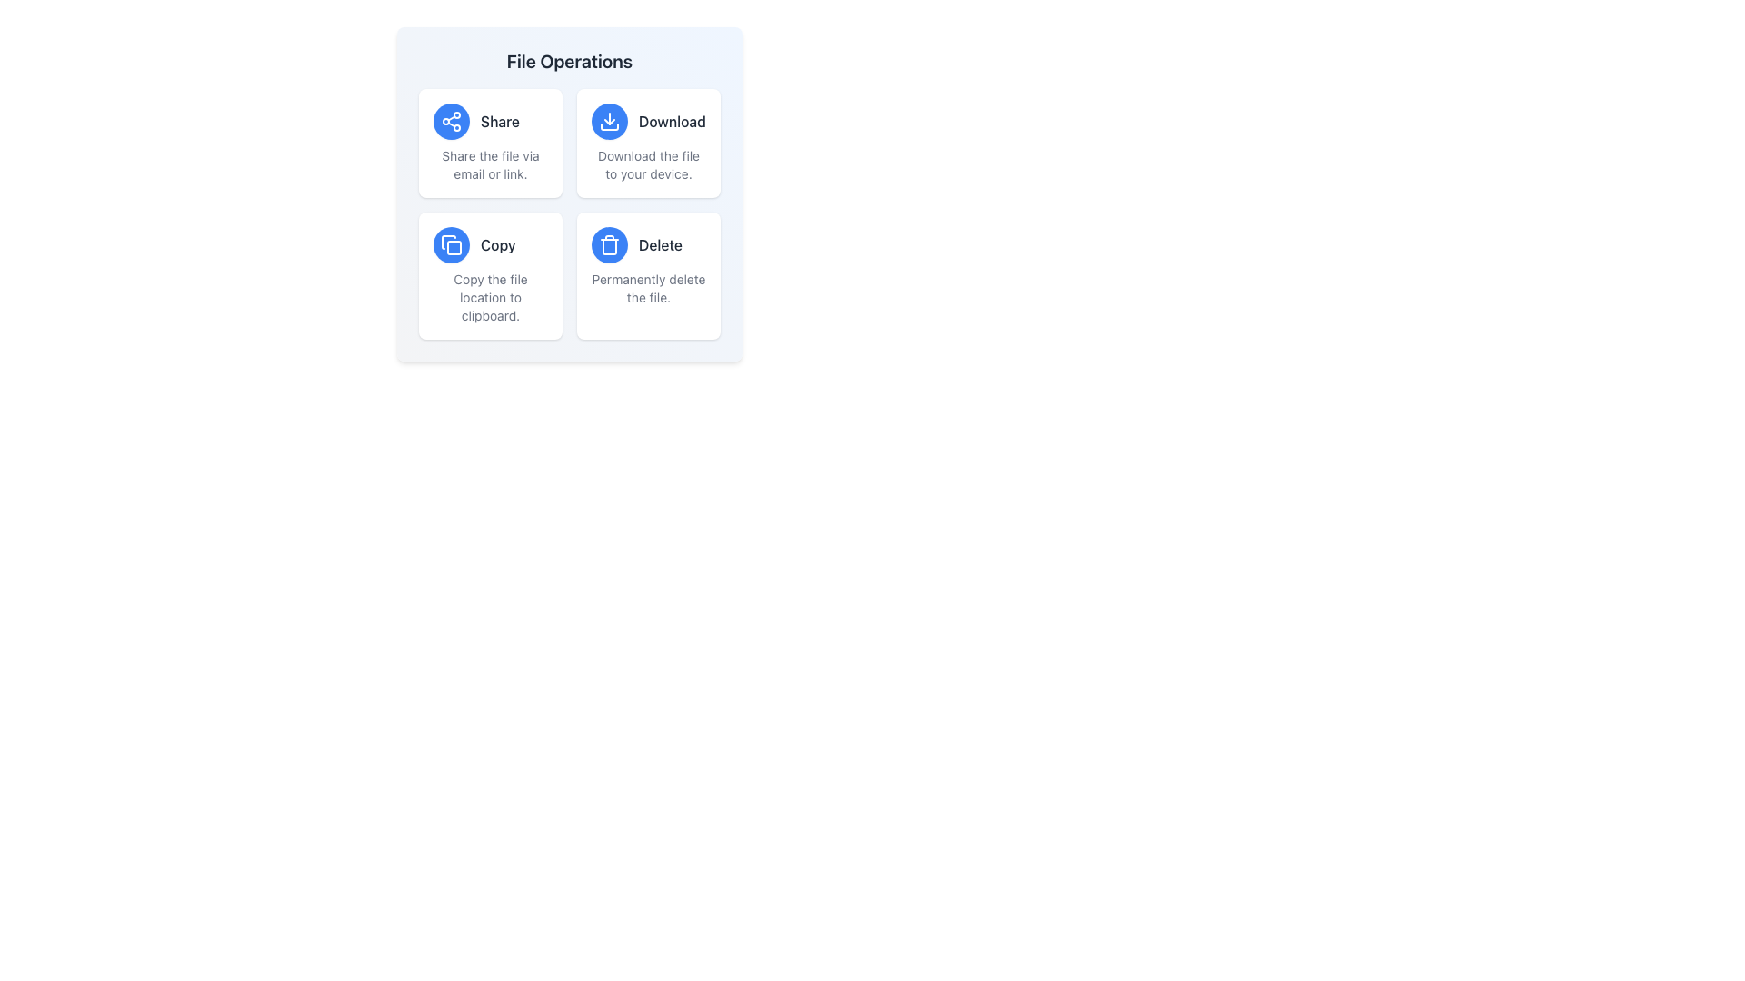  What do you see at coordinates (610, 245) in the screenshot?
I see `the circular blue button with a white trash can symbol located under the 'File Operations' section` at bounding box center [610, 245].